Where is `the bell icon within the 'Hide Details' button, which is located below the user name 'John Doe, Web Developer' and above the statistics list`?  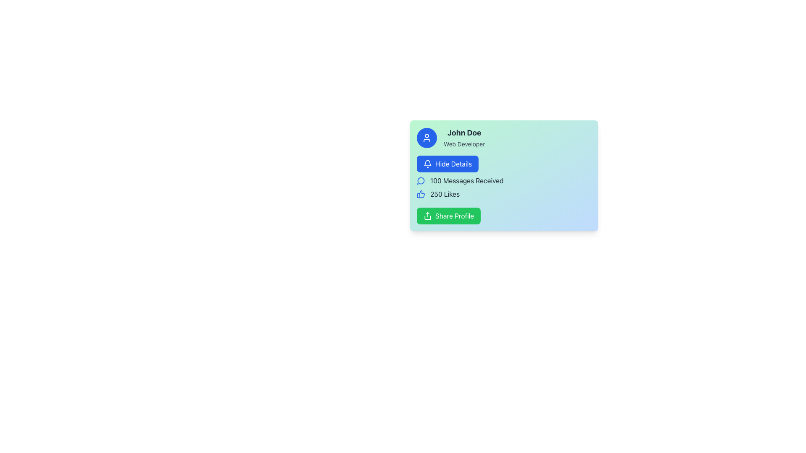
the bell icon within the 'Hide Details' button, which is located below the user name 'John Doe, Web Developer' and above the statistics list is located at coordinates (427, 164).